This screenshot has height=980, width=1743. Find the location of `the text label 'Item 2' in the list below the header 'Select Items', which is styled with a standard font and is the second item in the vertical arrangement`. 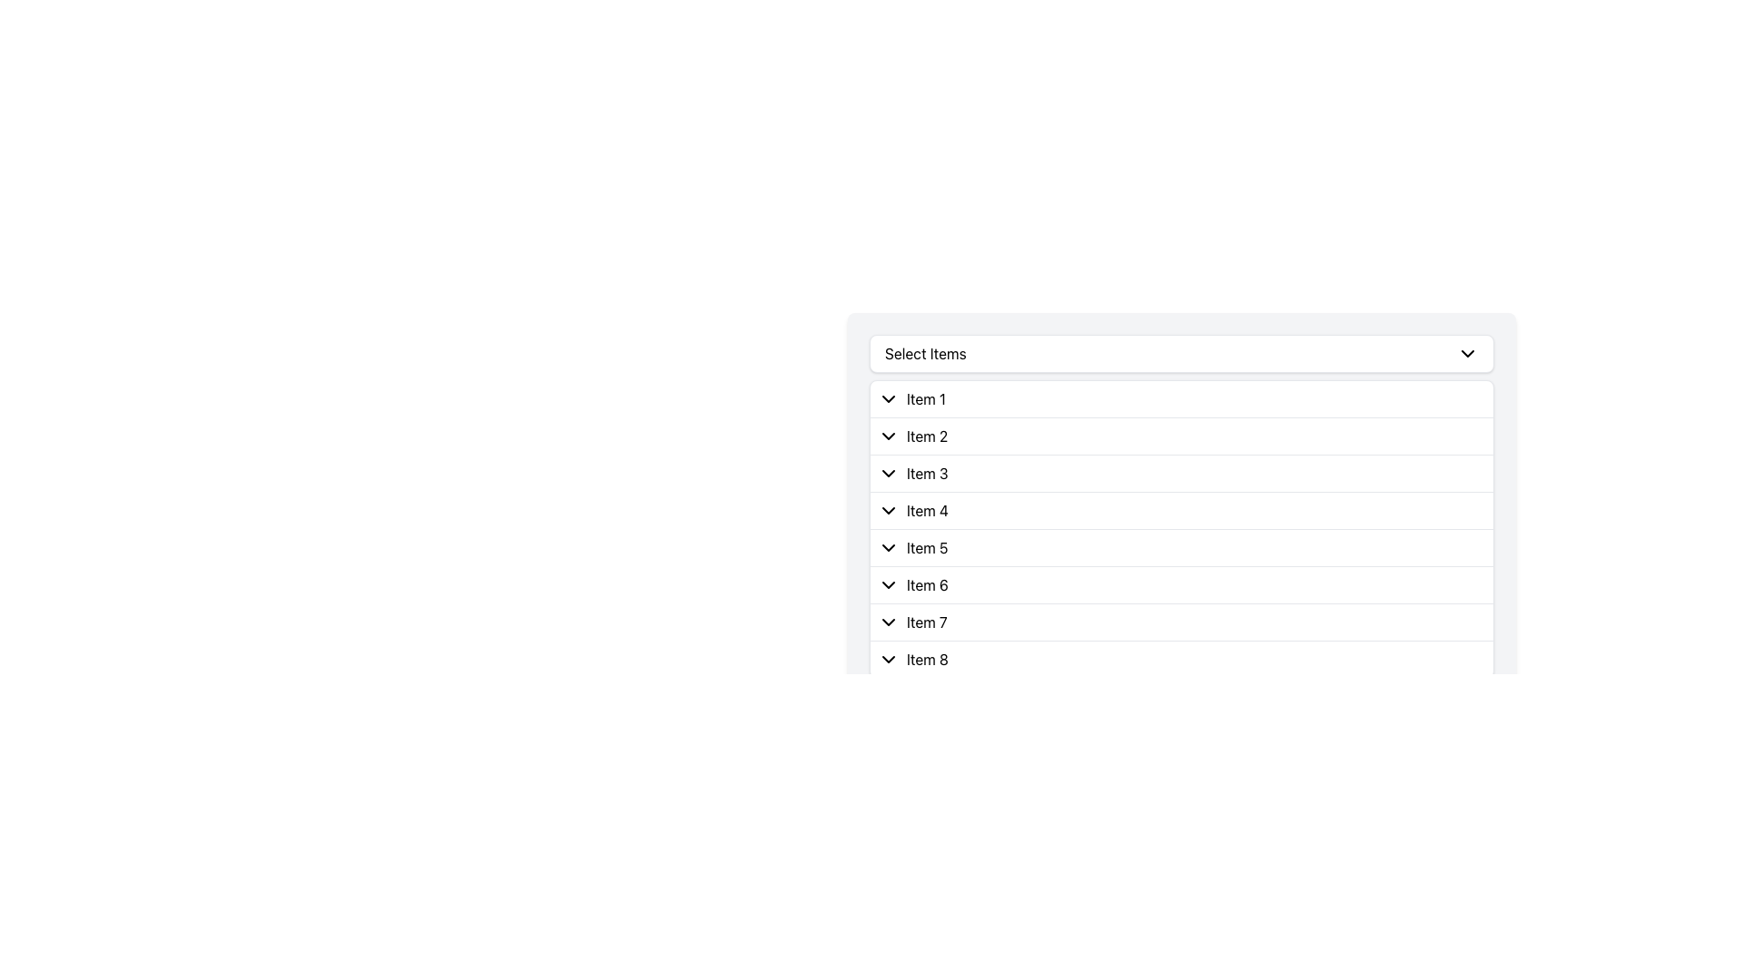

the text label 'Item 2' in the list below the header 'Select Items', which is styled with a standard font and is the second item in the vertical arrangement is located at coordinates (927, 436).